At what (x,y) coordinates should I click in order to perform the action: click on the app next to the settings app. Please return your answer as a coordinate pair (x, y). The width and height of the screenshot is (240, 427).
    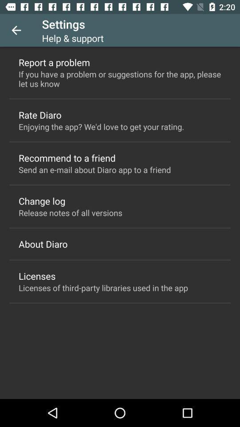
    Looking at the image, I should click on (16, 30).